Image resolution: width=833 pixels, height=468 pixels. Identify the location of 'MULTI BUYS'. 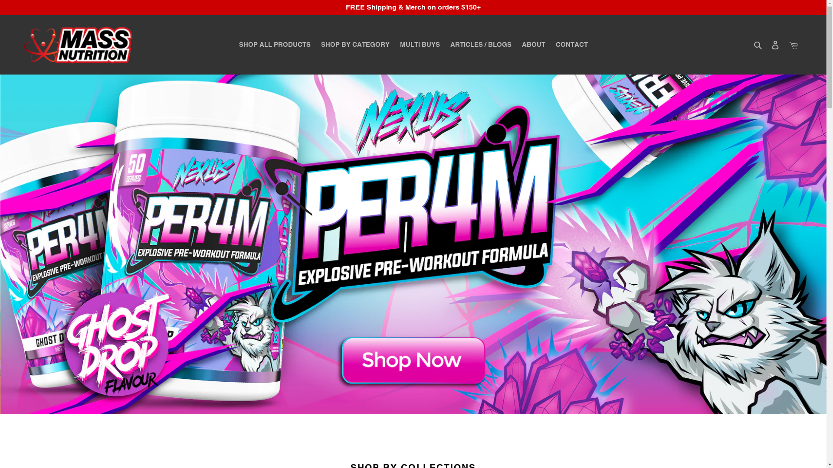
(420, 45).